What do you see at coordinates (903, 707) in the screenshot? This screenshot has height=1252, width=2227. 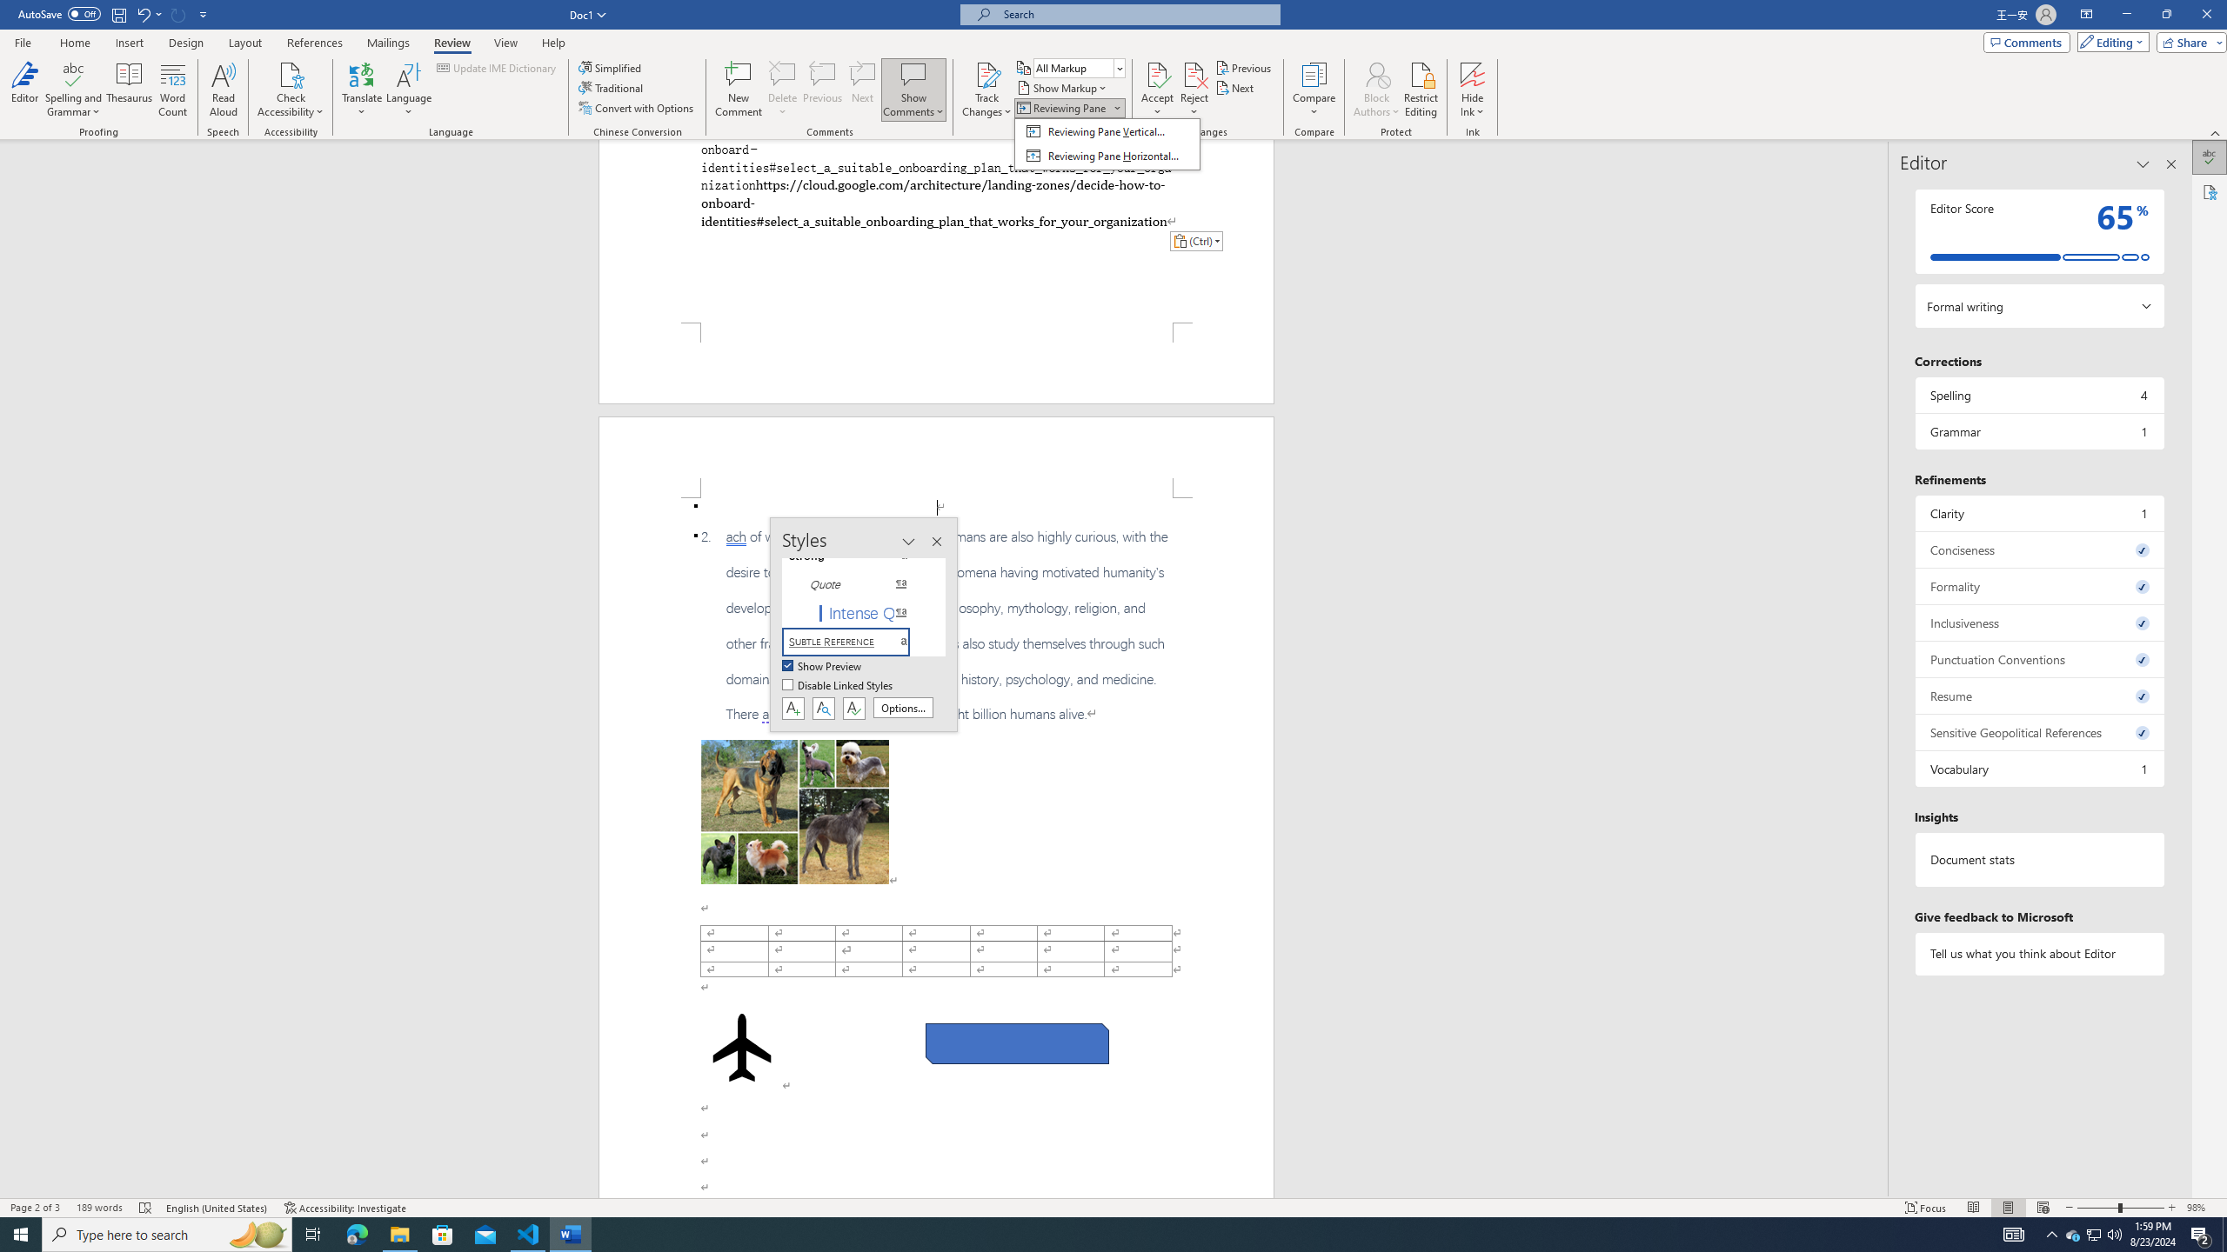 I see `'Options...'` at bounding box center [903, 707].